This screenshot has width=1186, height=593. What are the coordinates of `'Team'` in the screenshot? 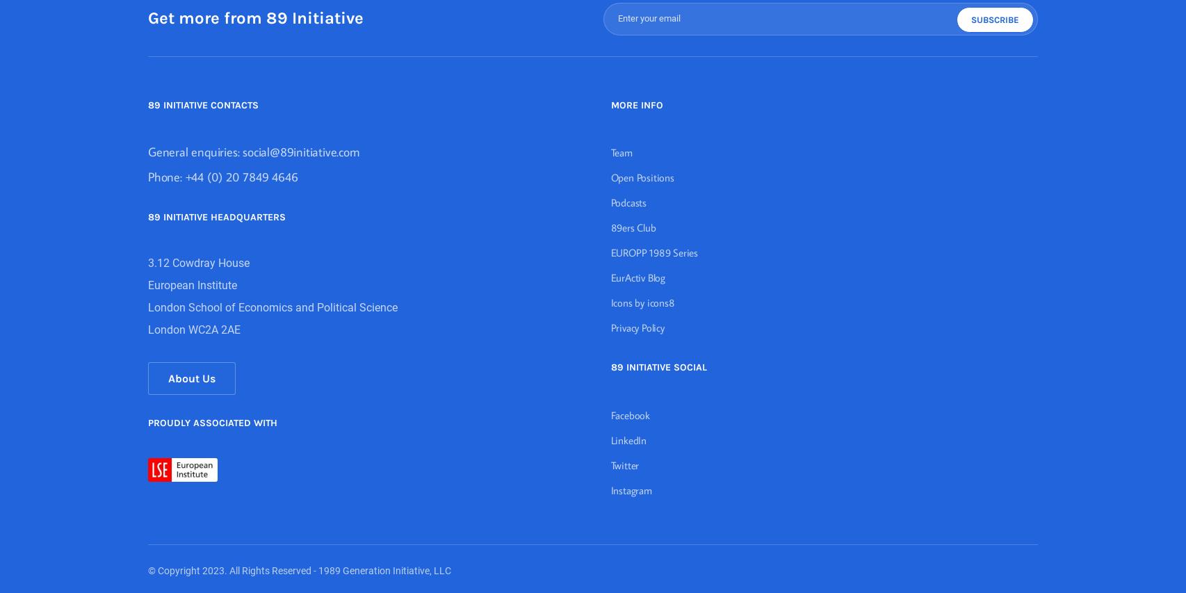 It's located at (610, 152).